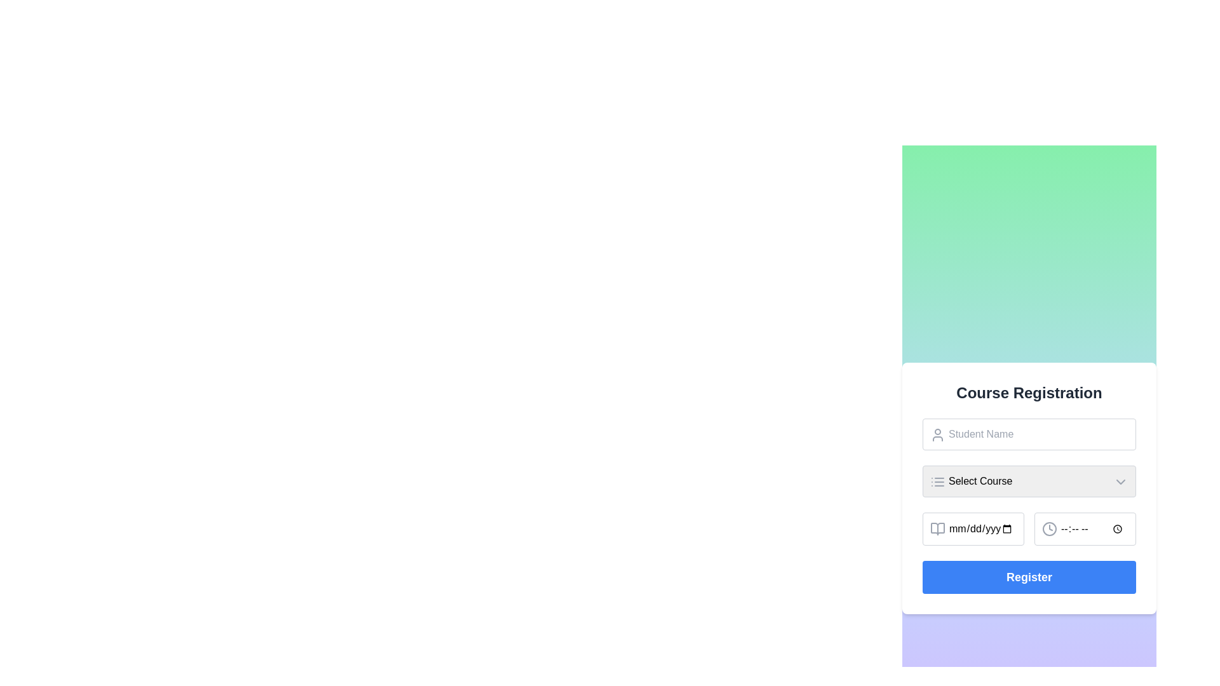  What do you see at coordinates (938, 529) in the screenshot?
I see `the date-related icon located to the left of the 'mm/dd/yyyy' text field` at bounding box center [938, 529].